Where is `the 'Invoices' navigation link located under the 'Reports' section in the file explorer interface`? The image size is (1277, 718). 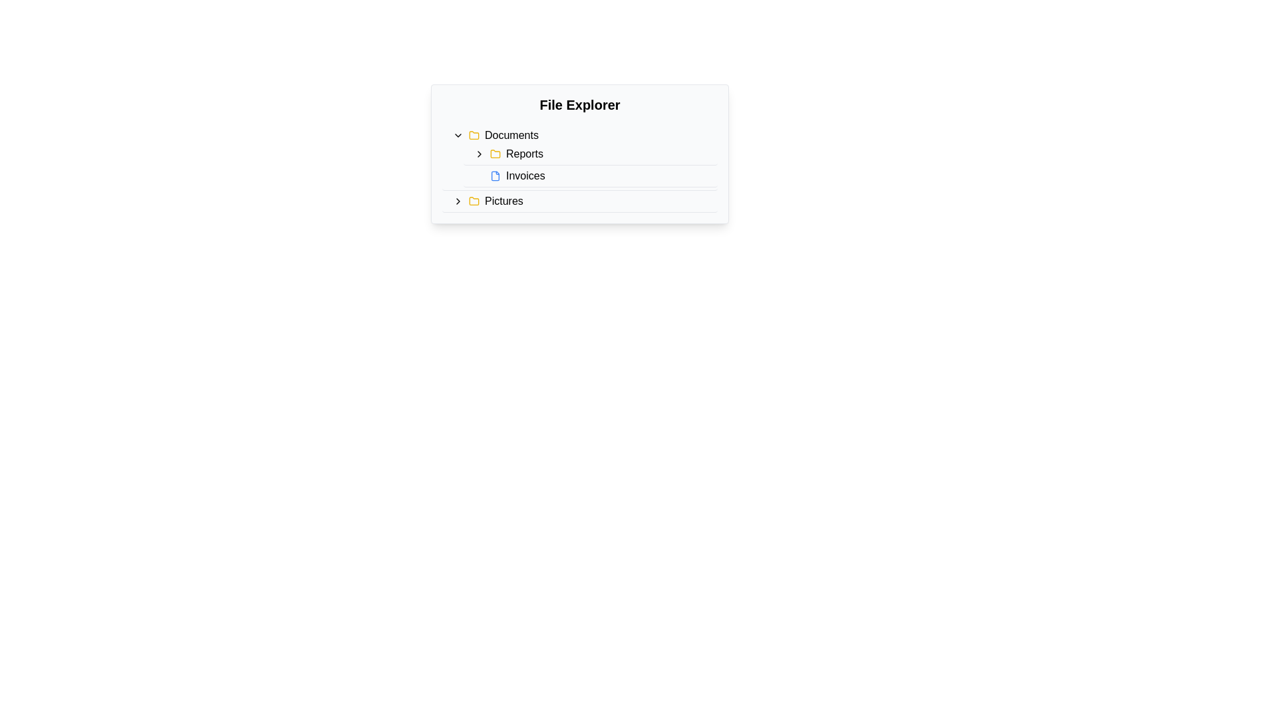 the 'Invoices' navigation link located under the 'Reports' section in the file explorer interface is located at coordinates (595, 176).